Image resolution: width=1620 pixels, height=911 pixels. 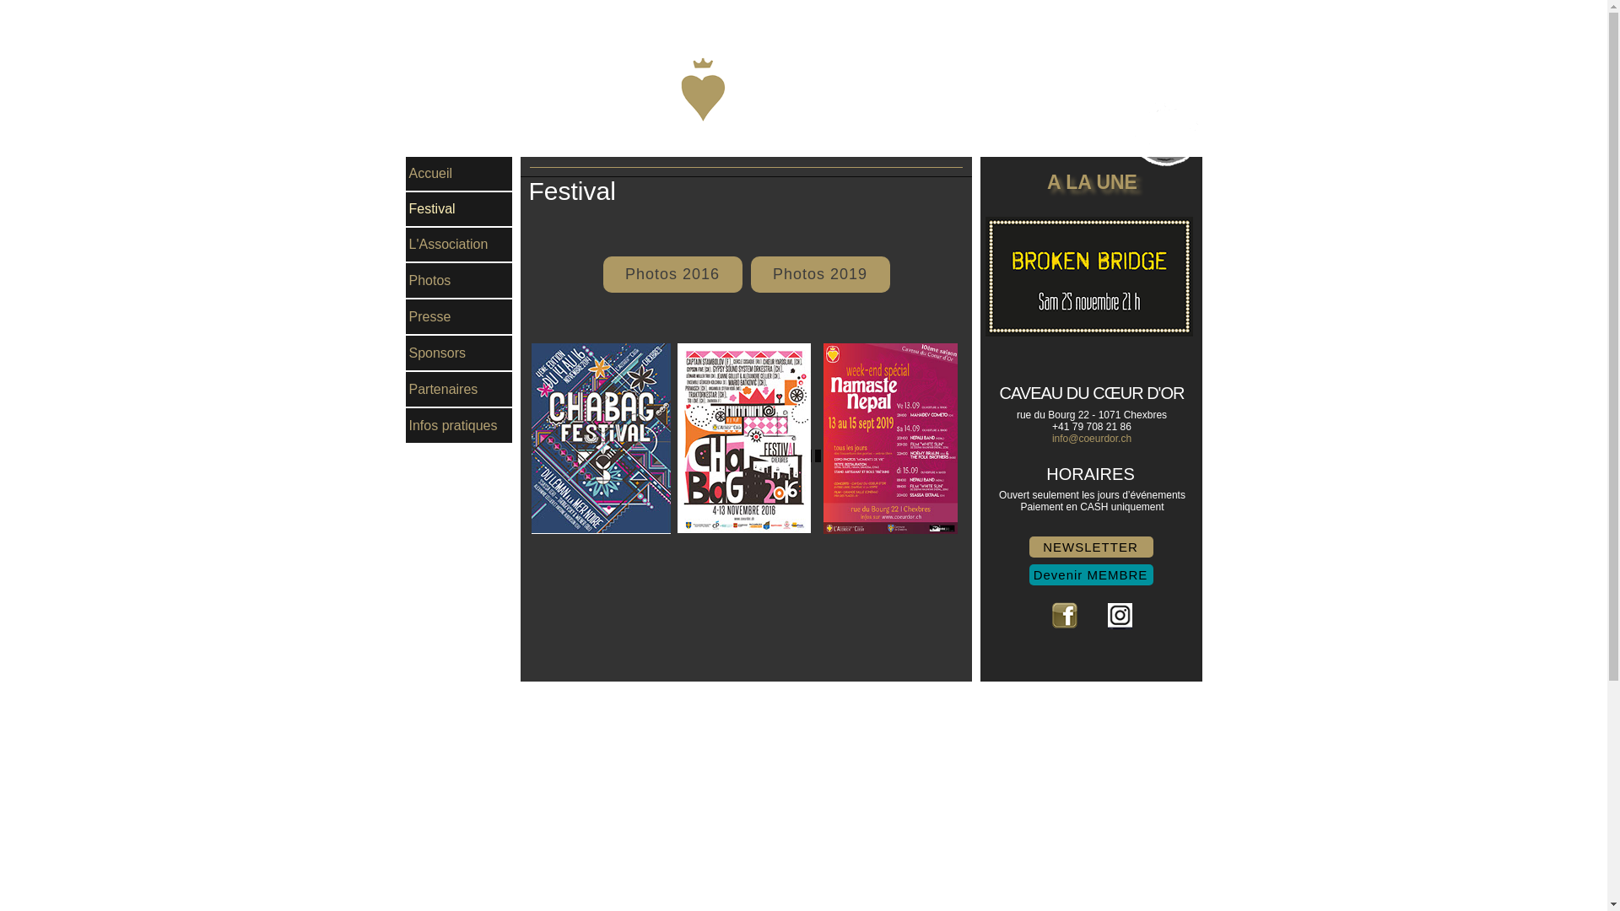 What do you see at coordinates (1092, 438) in the screenshot?
I see `'info@coeurdor.ch'` at bounding box center [1092, 438].